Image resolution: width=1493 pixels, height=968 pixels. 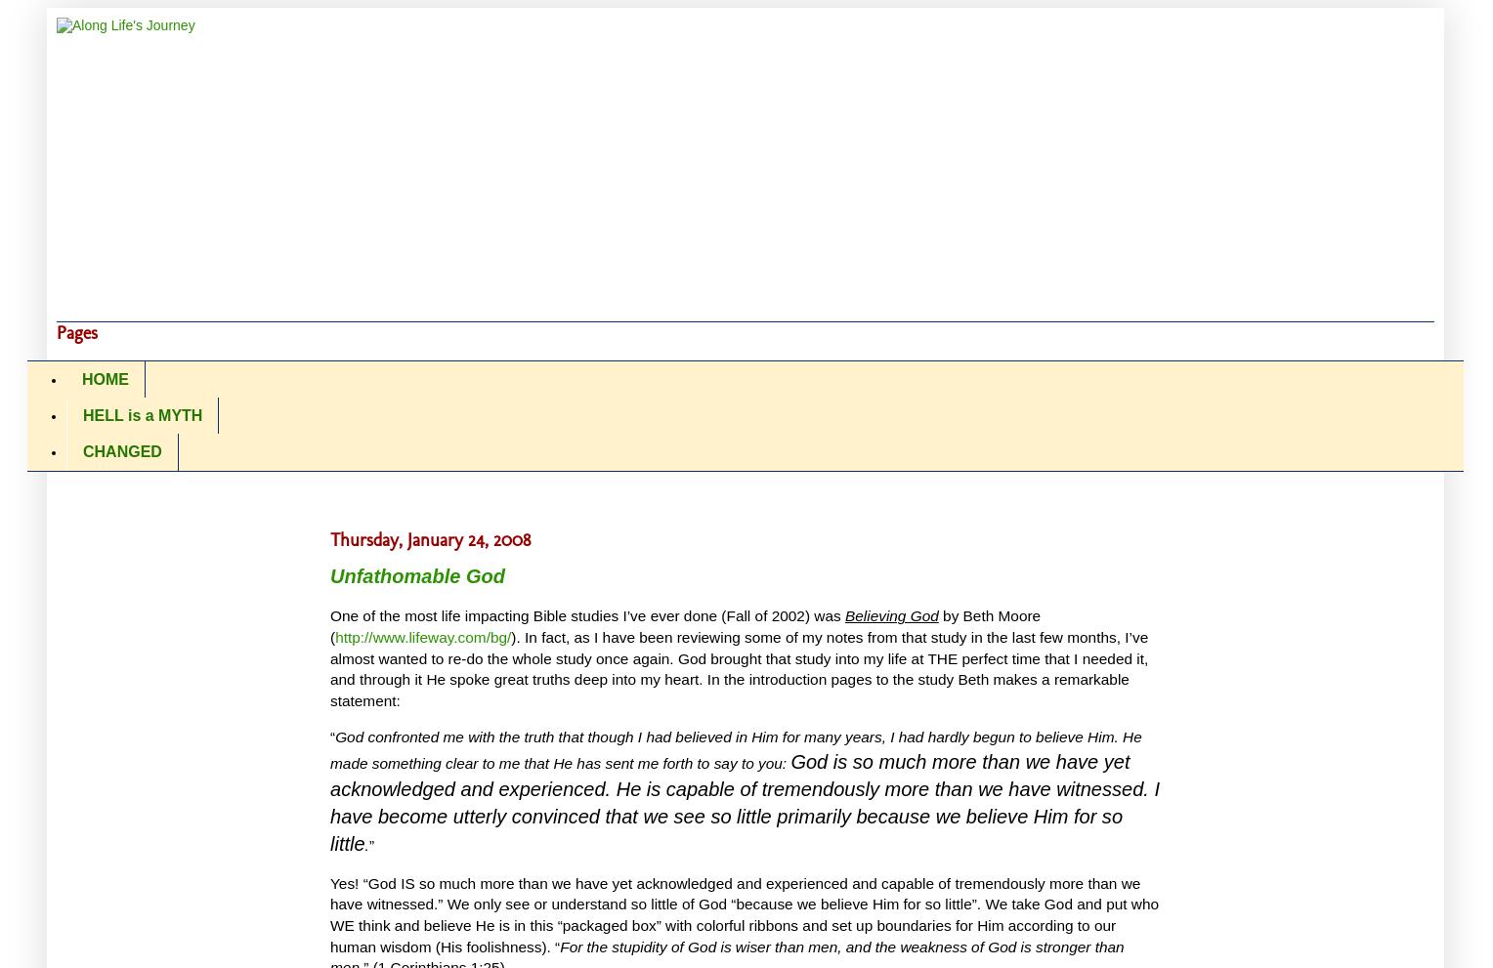 I want to click on 'We only see or understand so little of God “because we believe Him for so little”.', so click(x=712, y=903).